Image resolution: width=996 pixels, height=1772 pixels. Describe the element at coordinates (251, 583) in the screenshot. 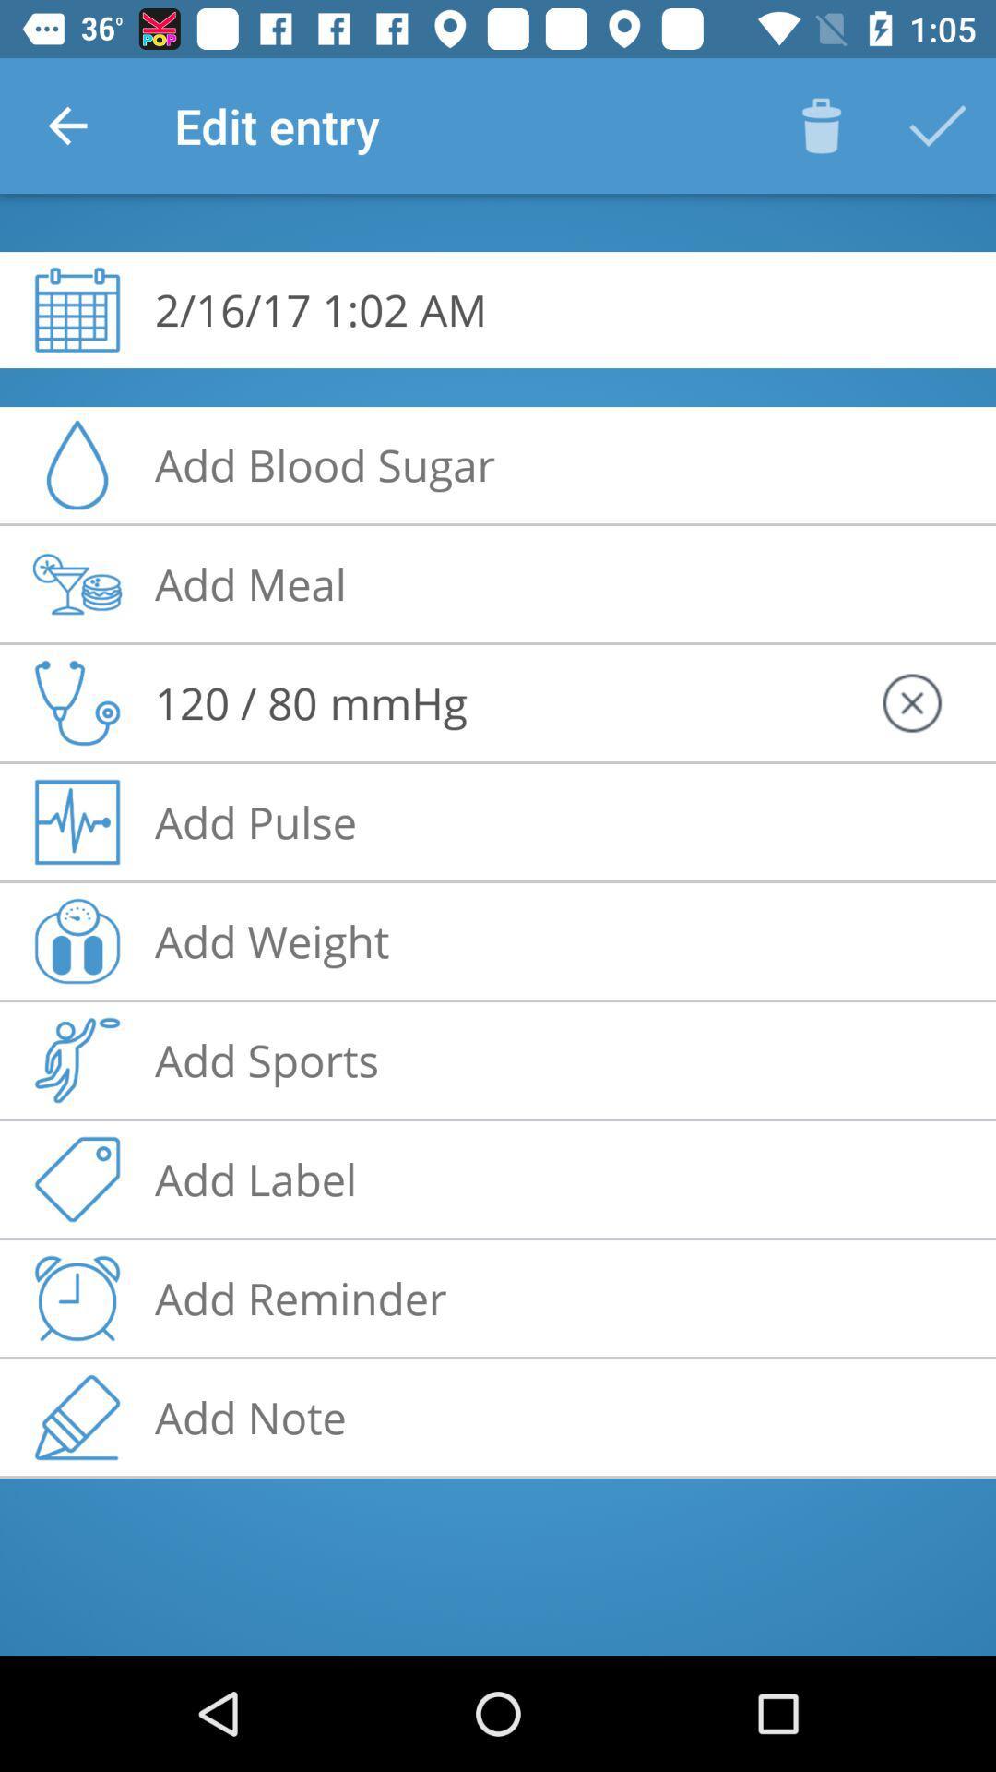

I see `the text below add blood sugar` at that location.